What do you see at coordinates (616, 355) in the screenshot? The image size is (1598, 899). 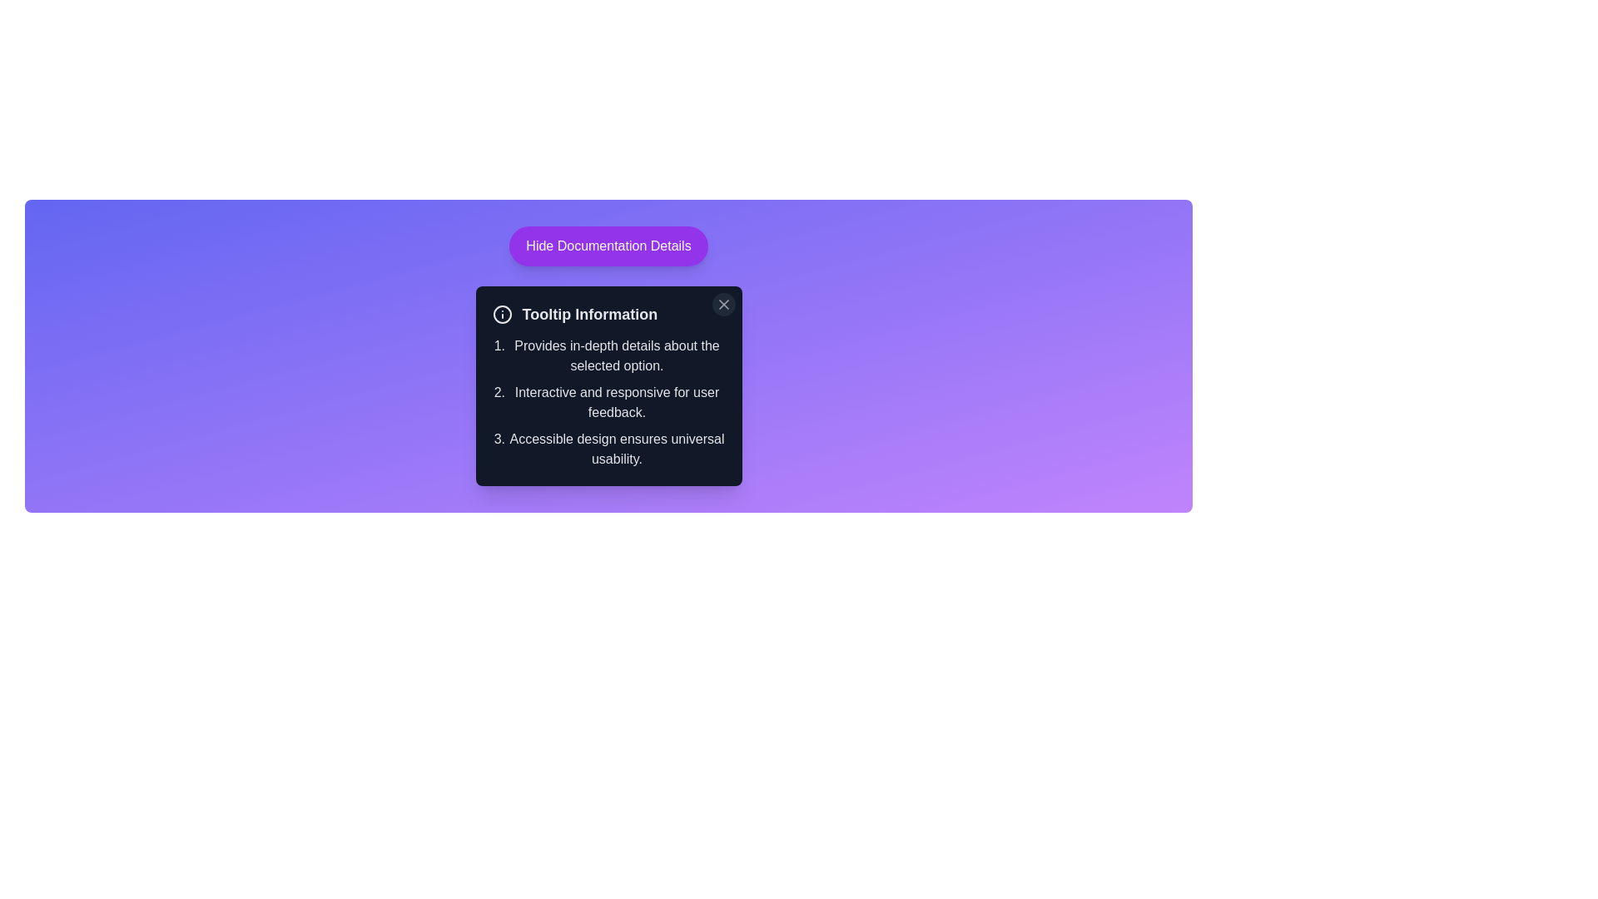 I see `the text item reading 'Provides in-depth details about the selected option.' which is the first item in a vertical numbered list within a dark-background tooltip` at bounding box center [616, 355].